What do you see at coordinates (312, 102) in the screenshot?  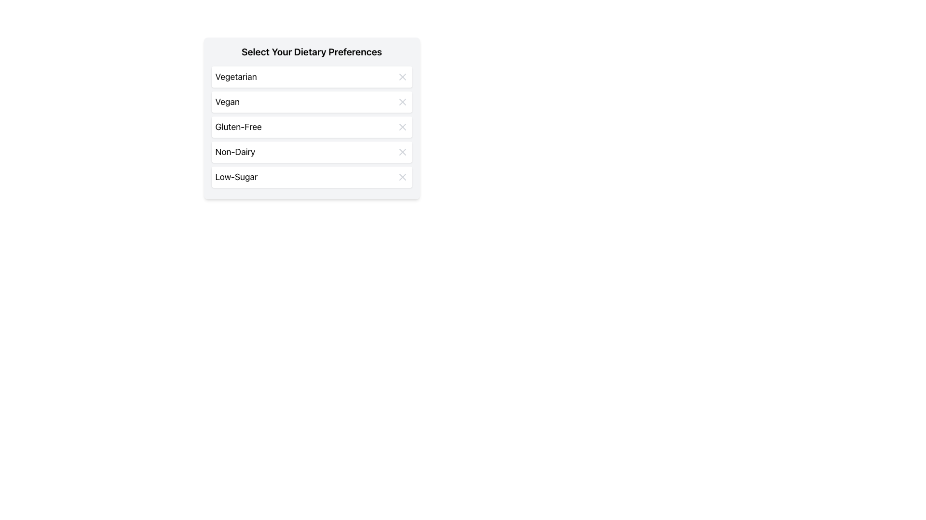 I see `the 'Vegan' list item button` at bounding box center [312, 102].